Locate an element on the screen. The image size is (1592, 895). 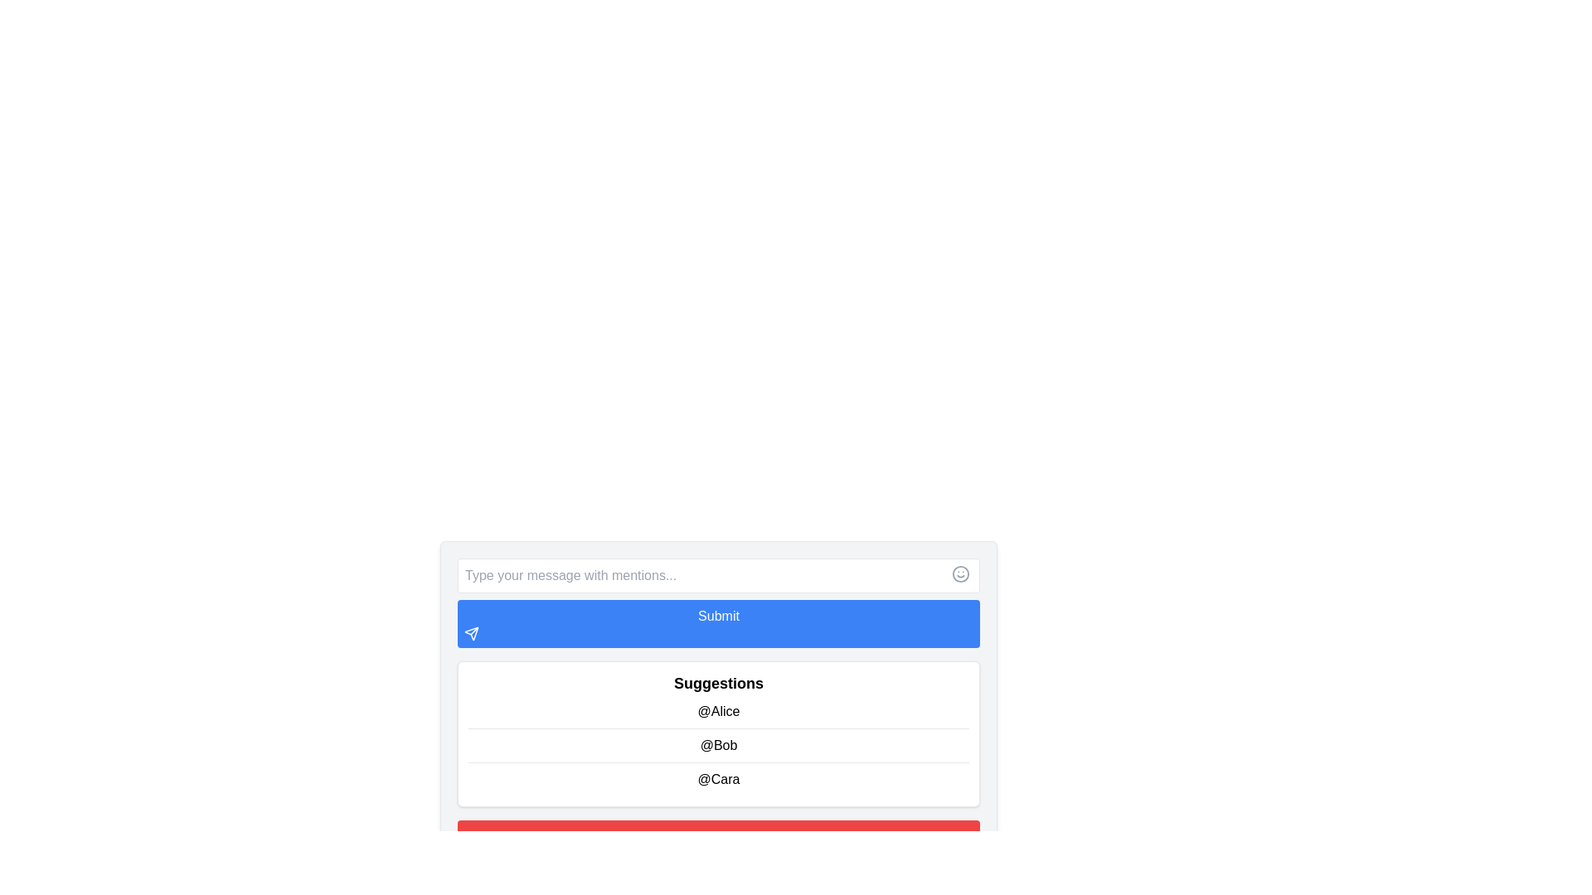
the selectable list item displaying '@Bob' is located at coordinates (719, 743).